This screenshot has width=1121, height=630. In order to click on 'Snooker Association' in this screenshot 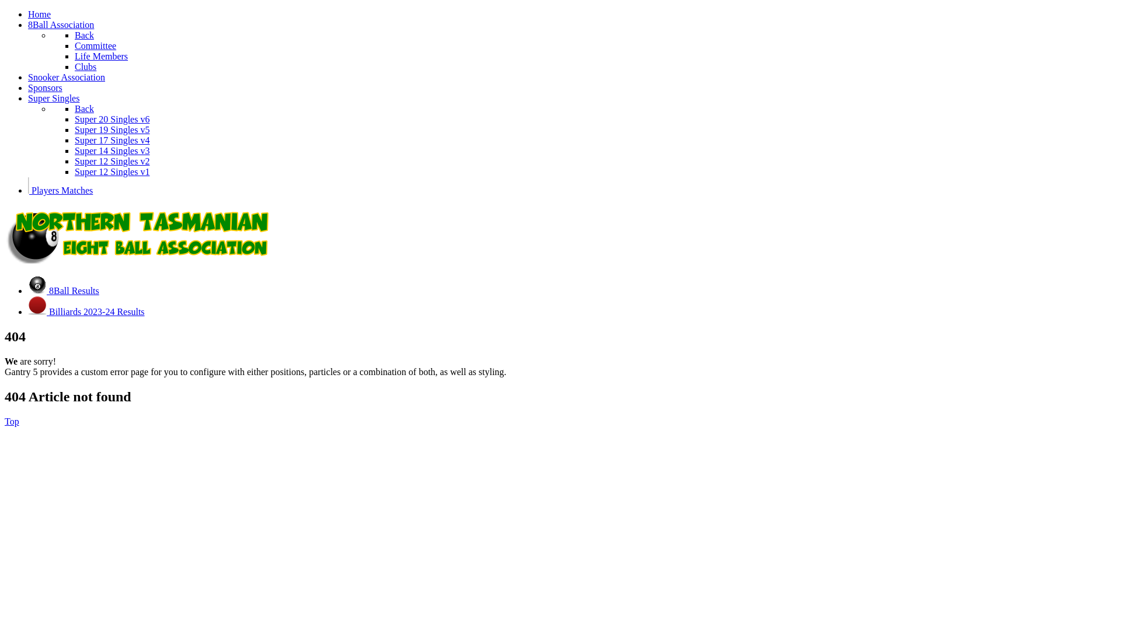, I will do `click(66, 77)`.